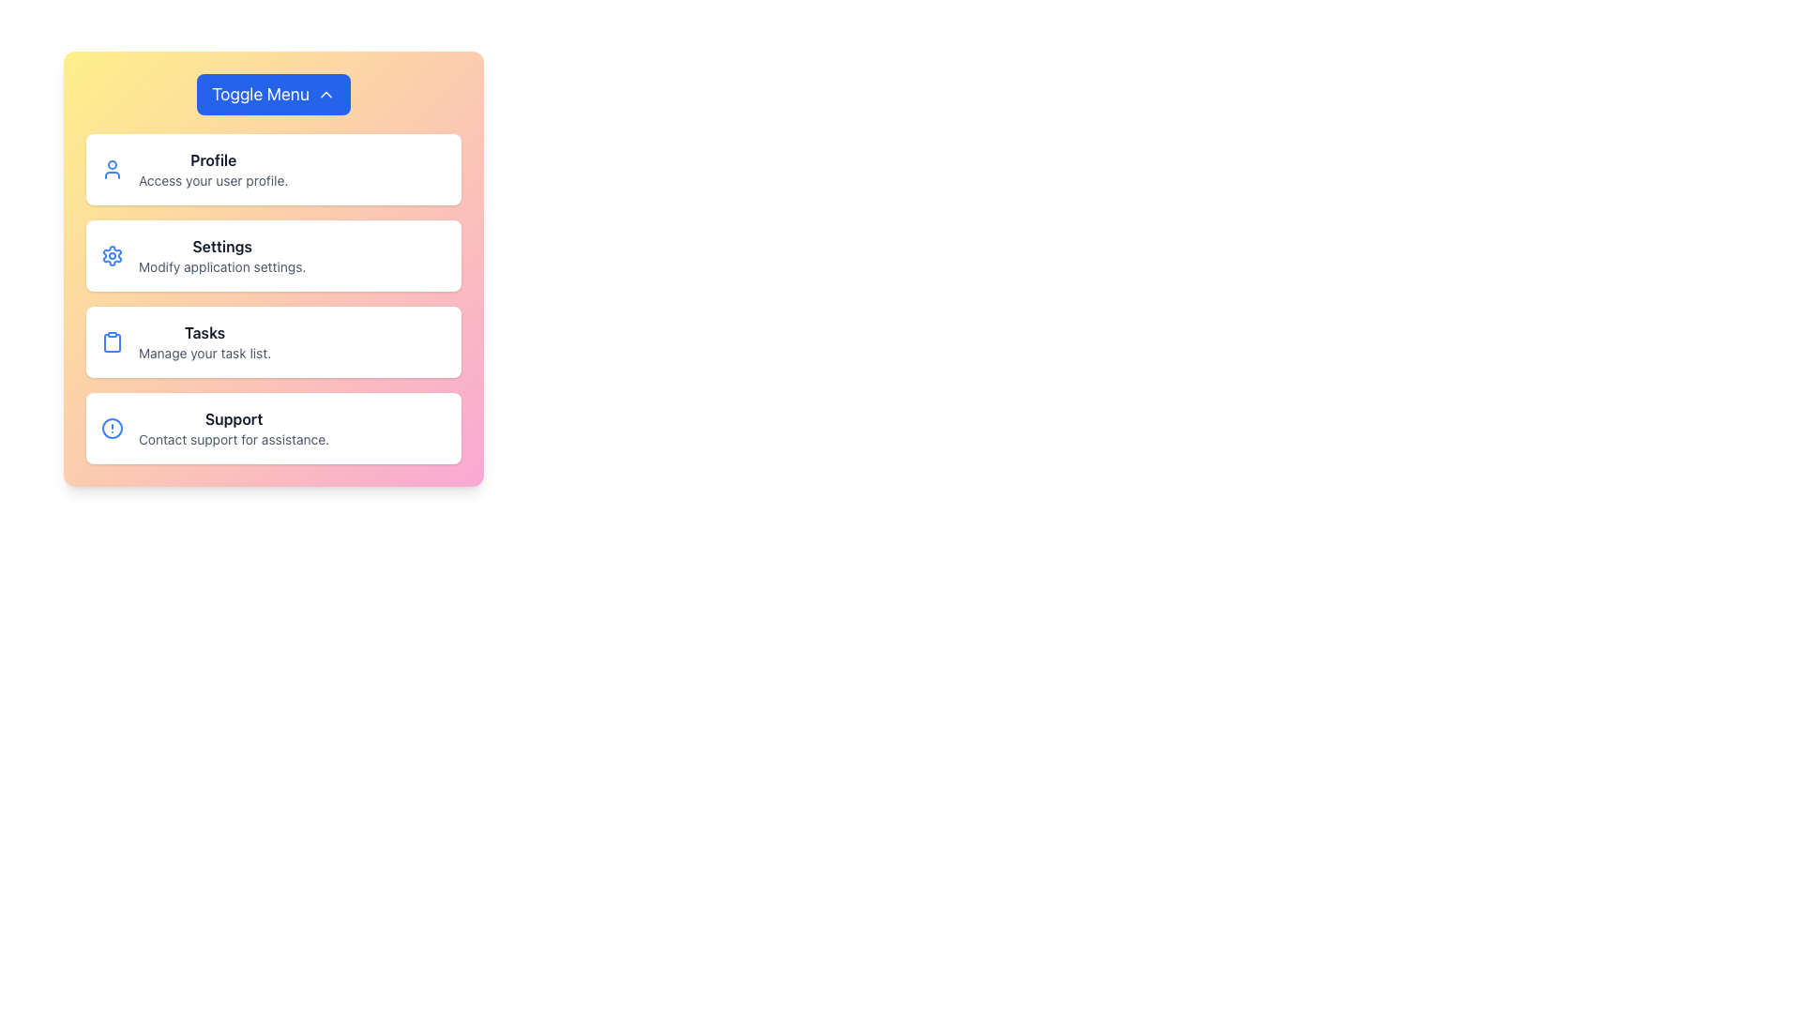 Image resolution: width=1801 pixels, height=1013 pixels. Describe the element at coordinates (222, 267) in the screenshot. I see `the static text label that reads 'Modify application settings.', which is positioned below the 'Settings' title and styled in gray color` at that location.